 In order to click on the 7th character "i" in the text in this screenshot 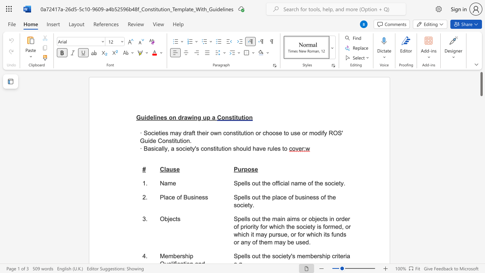, I will do `click(307, 226)`.